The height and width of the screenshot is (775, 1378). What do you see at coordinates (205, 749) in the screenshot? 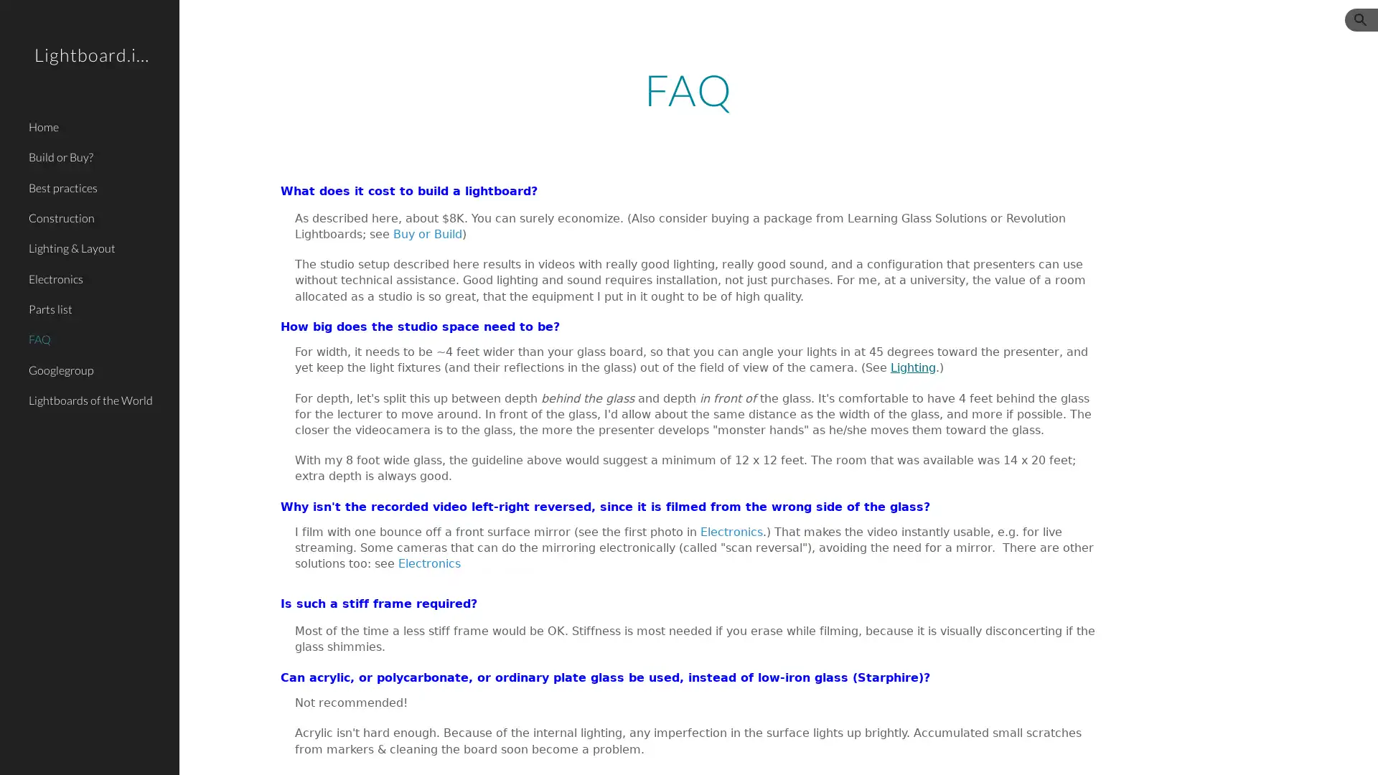
I see `Site actions` at bounding box center [205, 749].